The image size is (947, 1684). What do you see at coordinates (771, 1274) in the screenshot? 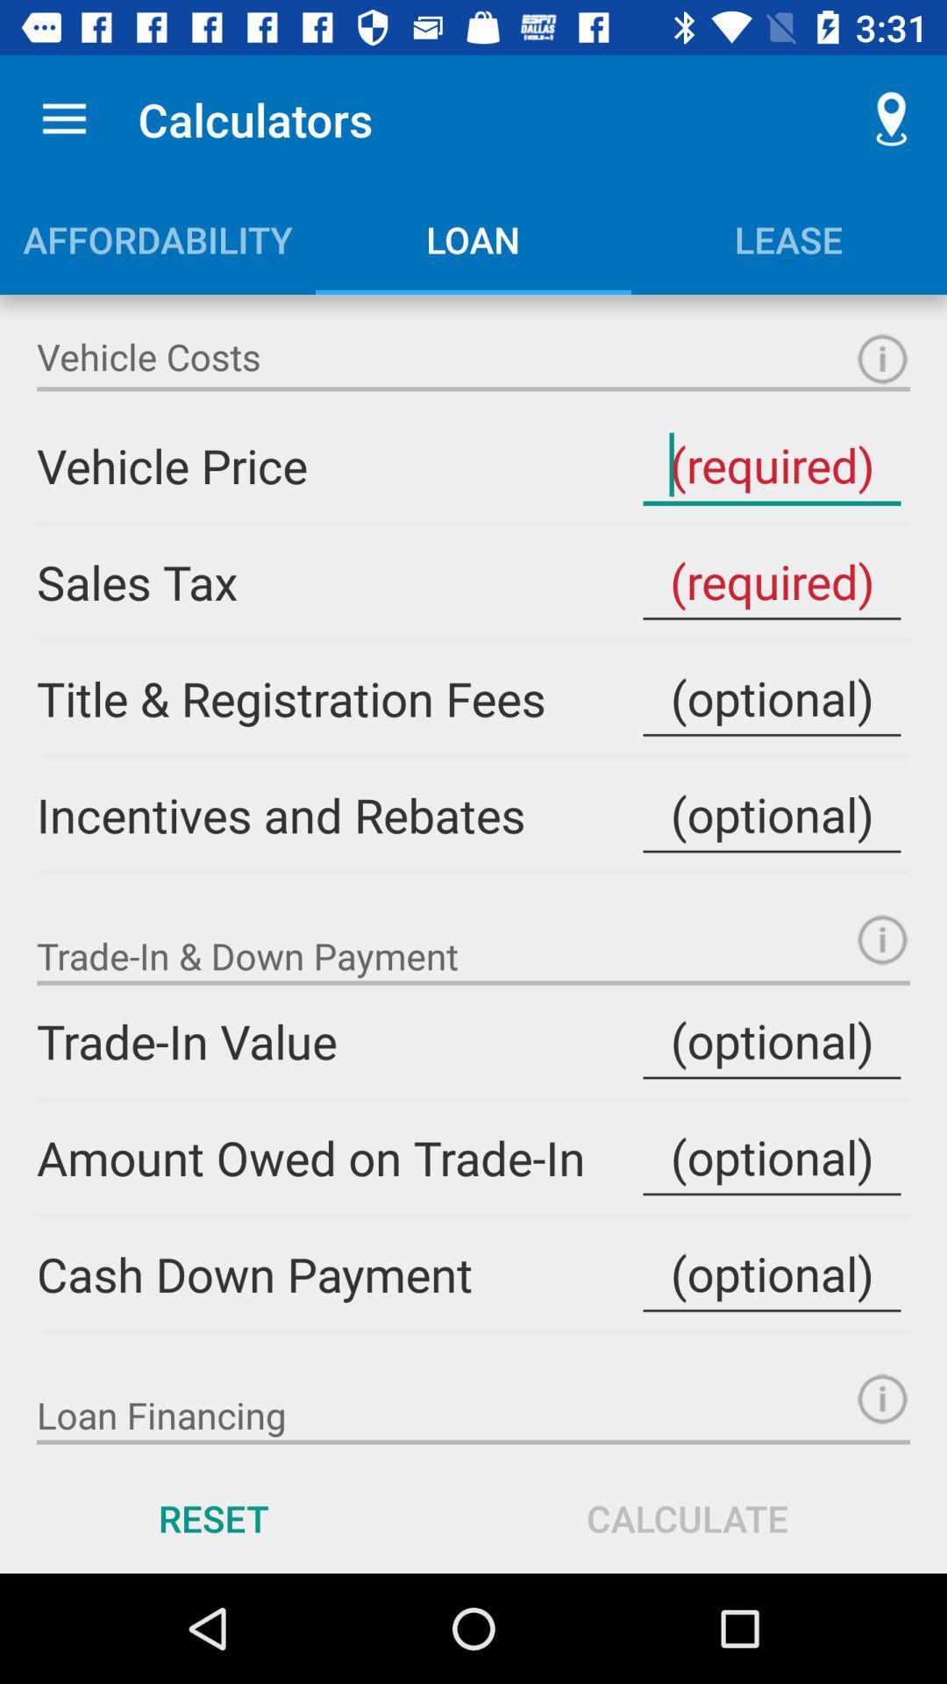
I see `write down cash payment` at bounding box center [771, 1274].